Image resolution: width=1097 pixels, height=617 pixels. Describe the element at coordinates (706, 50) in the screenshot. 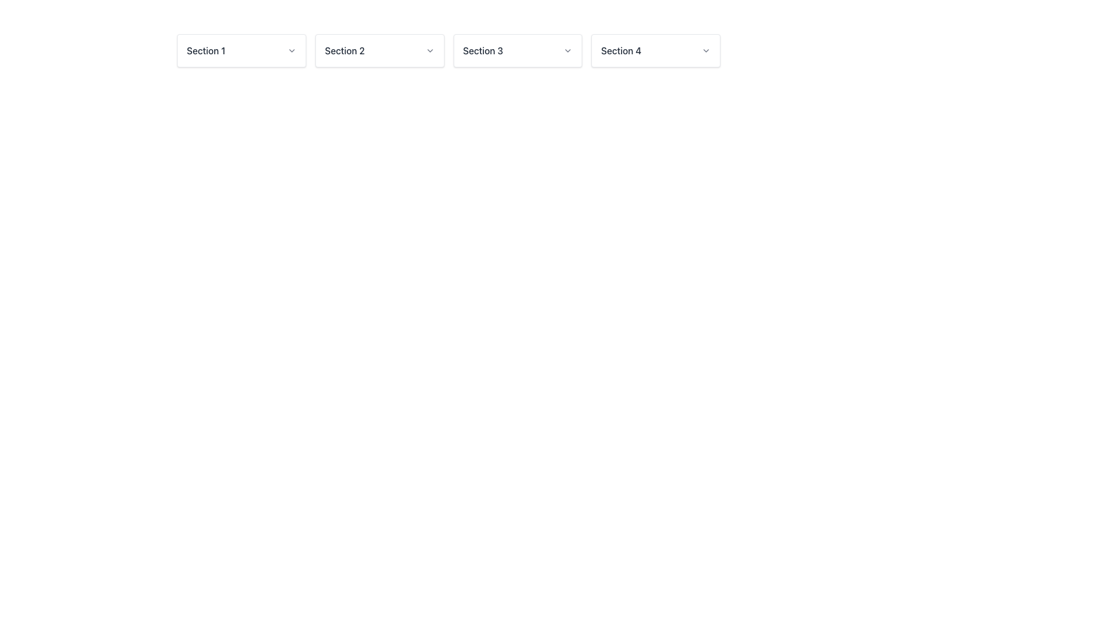

I see `the downward-pointing chevron icon located on the right side of 'Section 4'` at that location.